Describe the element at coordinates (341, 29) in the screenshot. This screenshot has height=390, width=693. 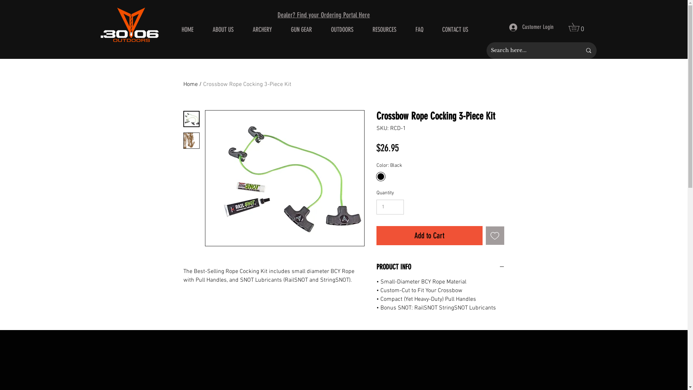
I see `'OUTDOORS'` at that location.